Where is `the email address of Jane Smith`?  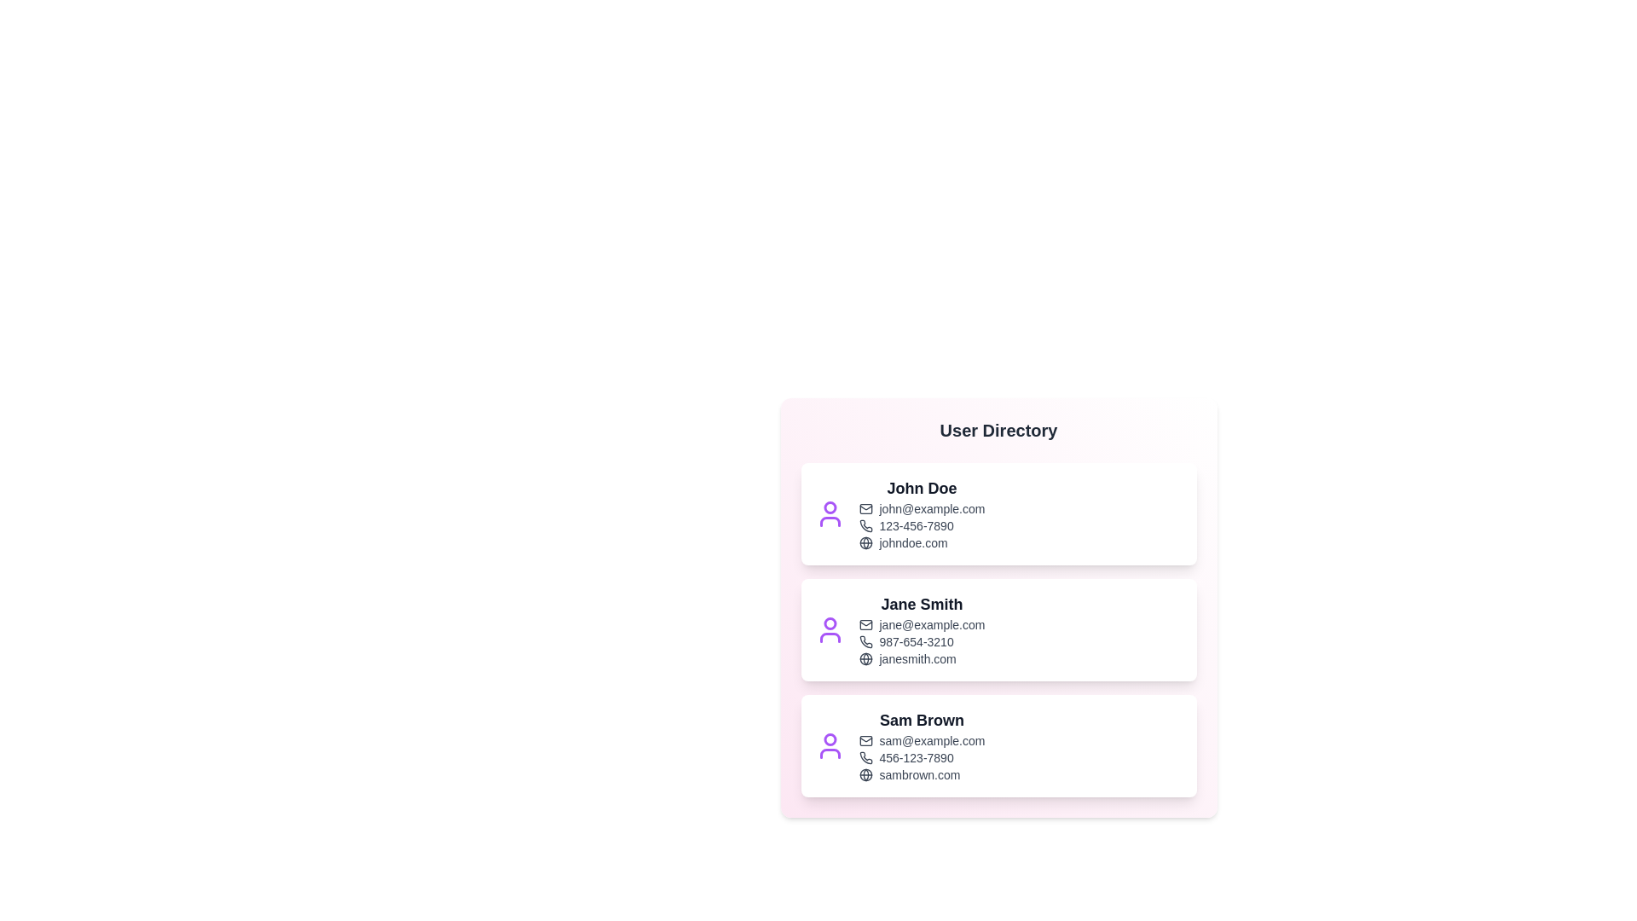 the email address of Jane Smith is located at coordinates (921, 624).